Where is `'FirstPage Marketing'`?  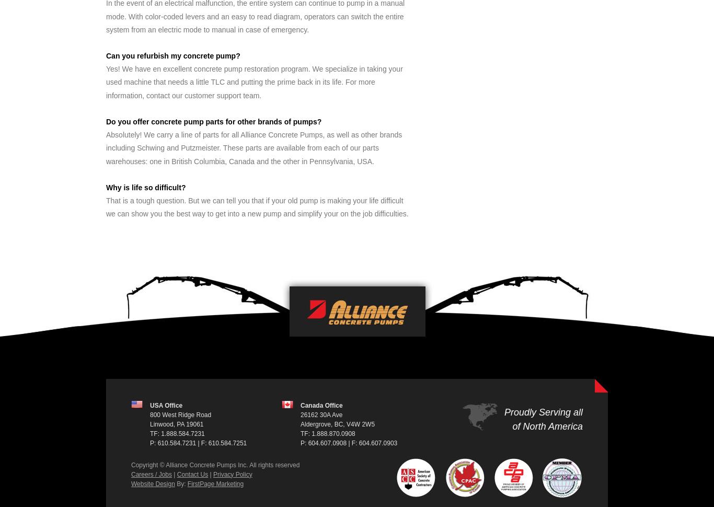 'FirstPage Marketing' is located at coordinates (187, 482).